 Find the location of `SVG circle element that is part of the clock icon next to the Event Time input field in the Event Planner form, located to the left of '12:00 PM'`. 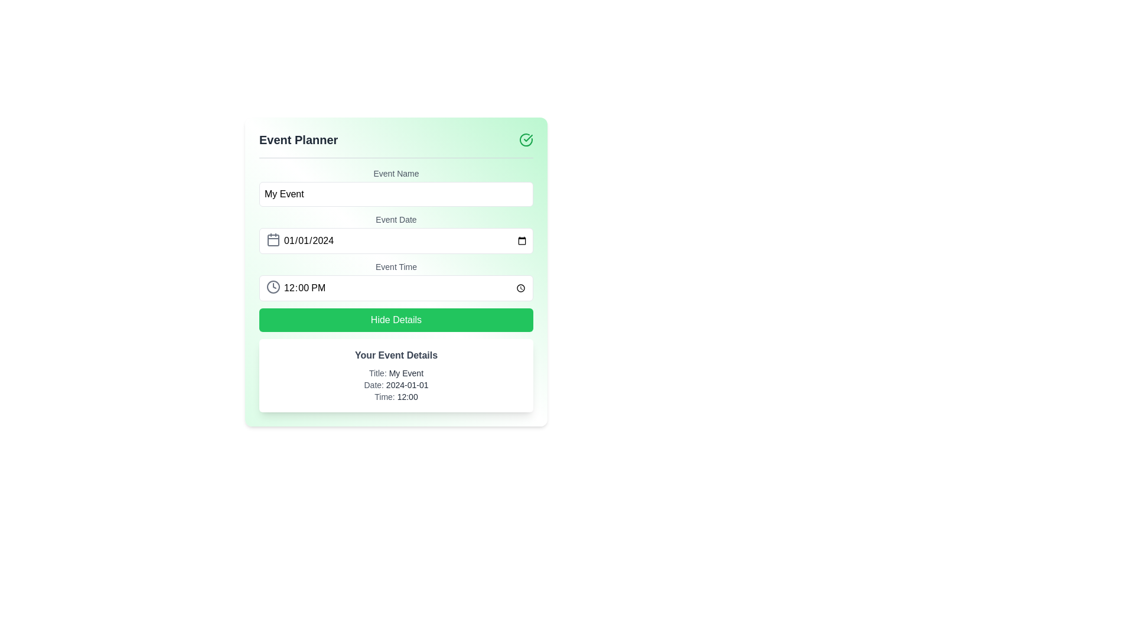

SVG circle element that is part of the clock icon next to the Event Time input field in the Event Planner form, located to the left of '12:00 PM' is located at coordinates (272, 287).